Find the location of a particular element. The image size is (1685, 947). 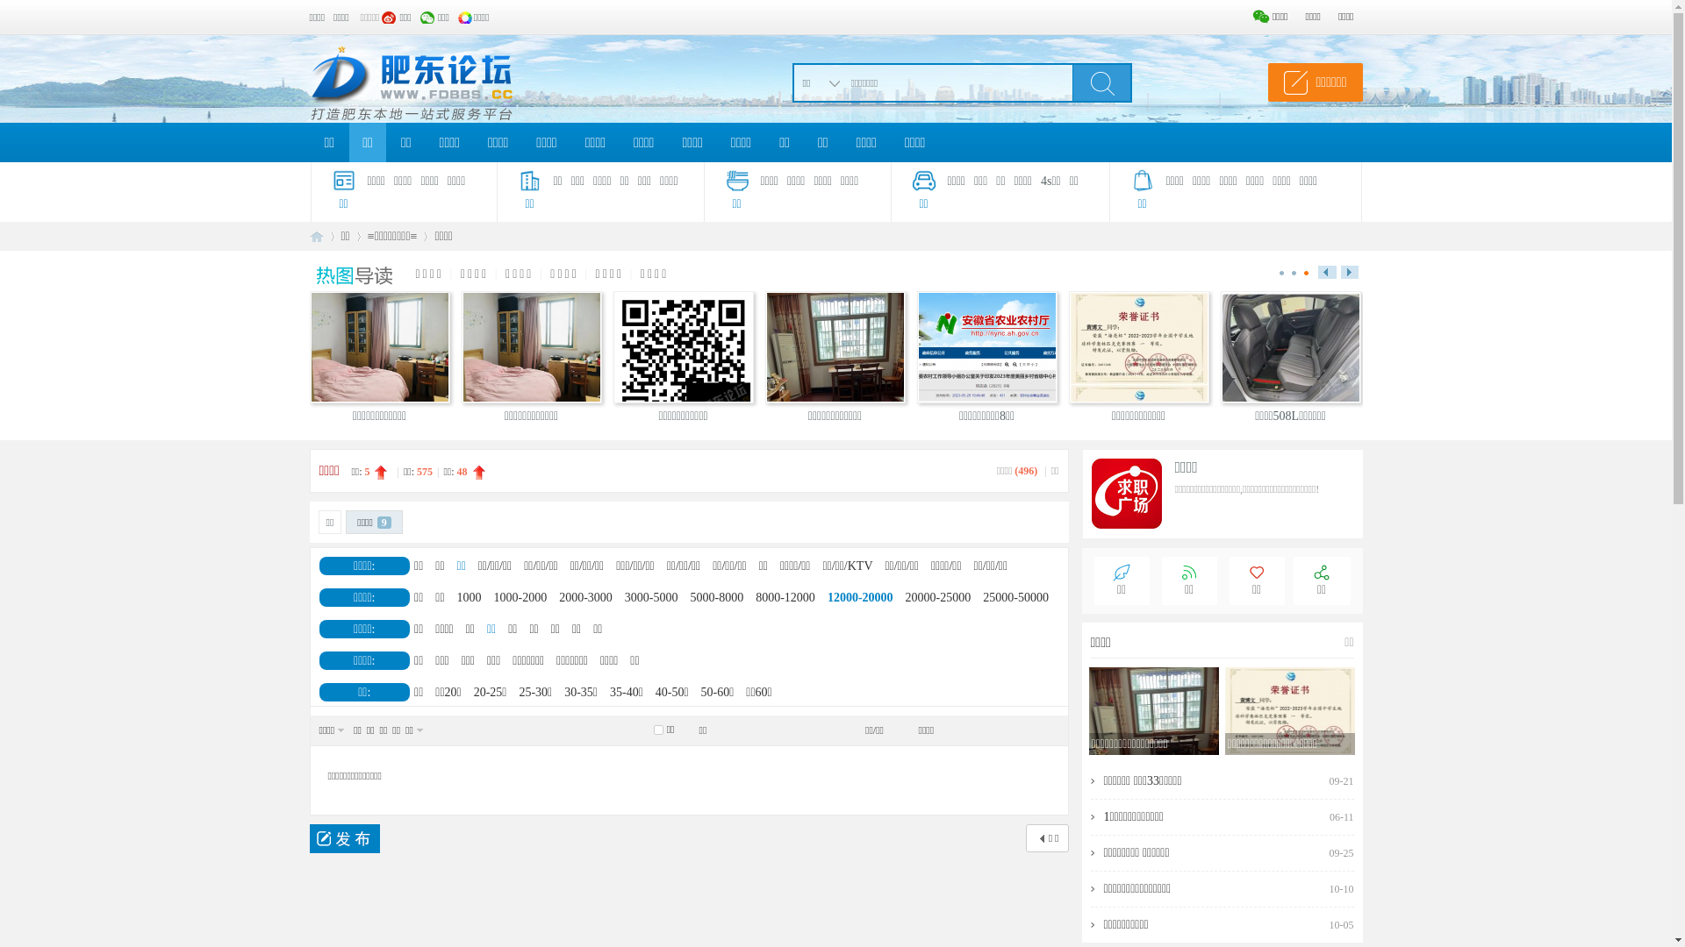

'1000-2000' is located at coordinates (520, 596).